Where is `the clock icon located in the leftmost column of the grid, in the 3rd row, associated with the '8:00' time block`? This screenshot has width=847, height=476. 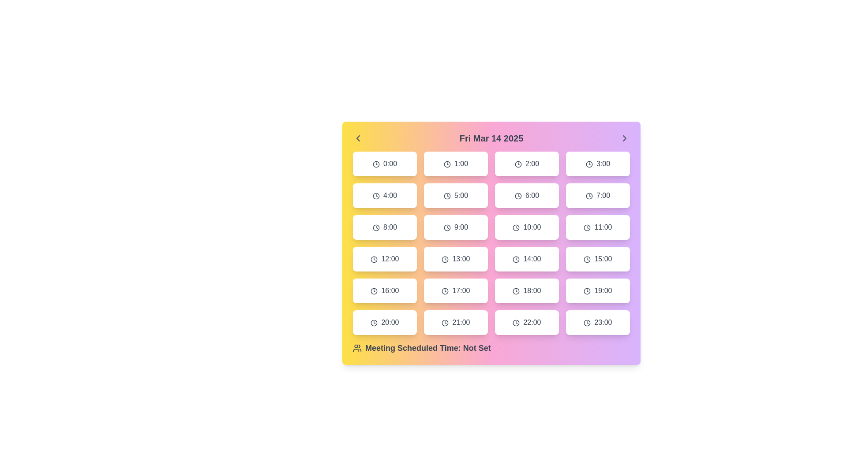 the clock icon located in the leftmost column of the grid, in the 3rd row, associated with the '8:00' time block is located at coordinates (376, 227).